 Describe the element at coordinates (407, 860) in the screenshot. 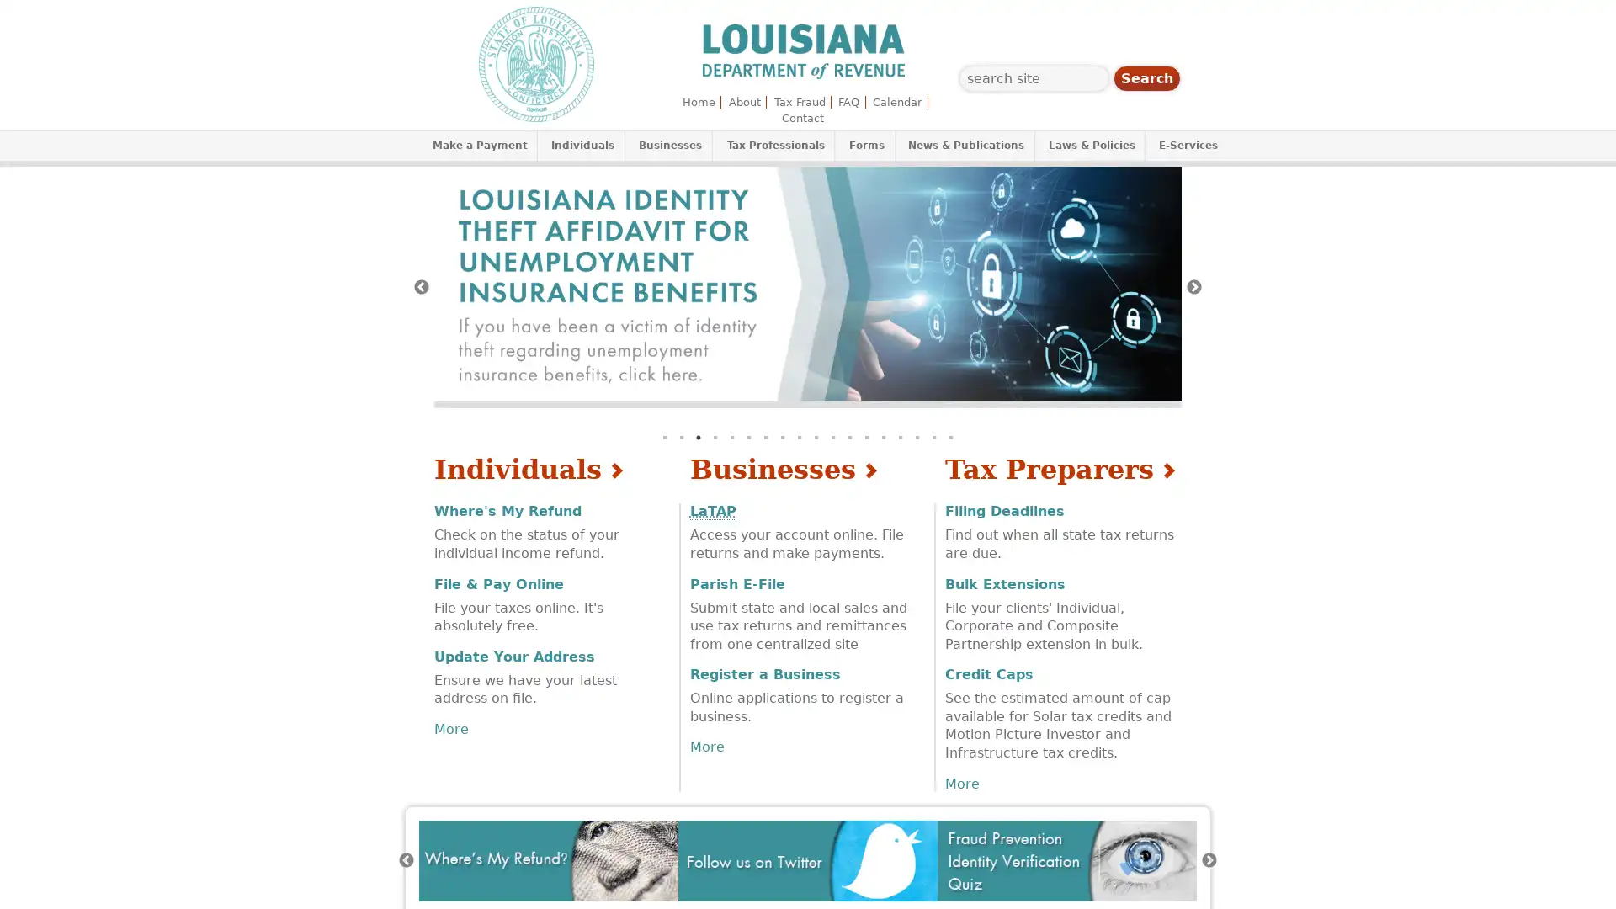

I see `Previous` at that location.